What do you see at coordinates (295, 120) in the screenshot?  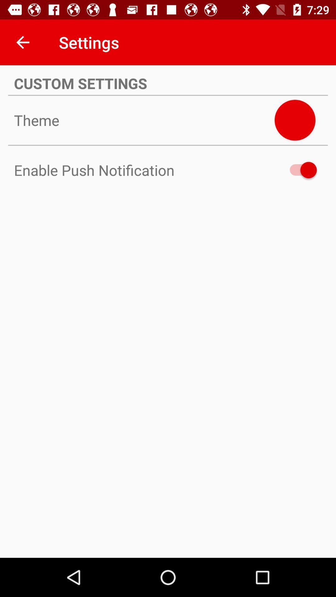 I see `the icon next to the theme item` at bounding box center [295, 120].